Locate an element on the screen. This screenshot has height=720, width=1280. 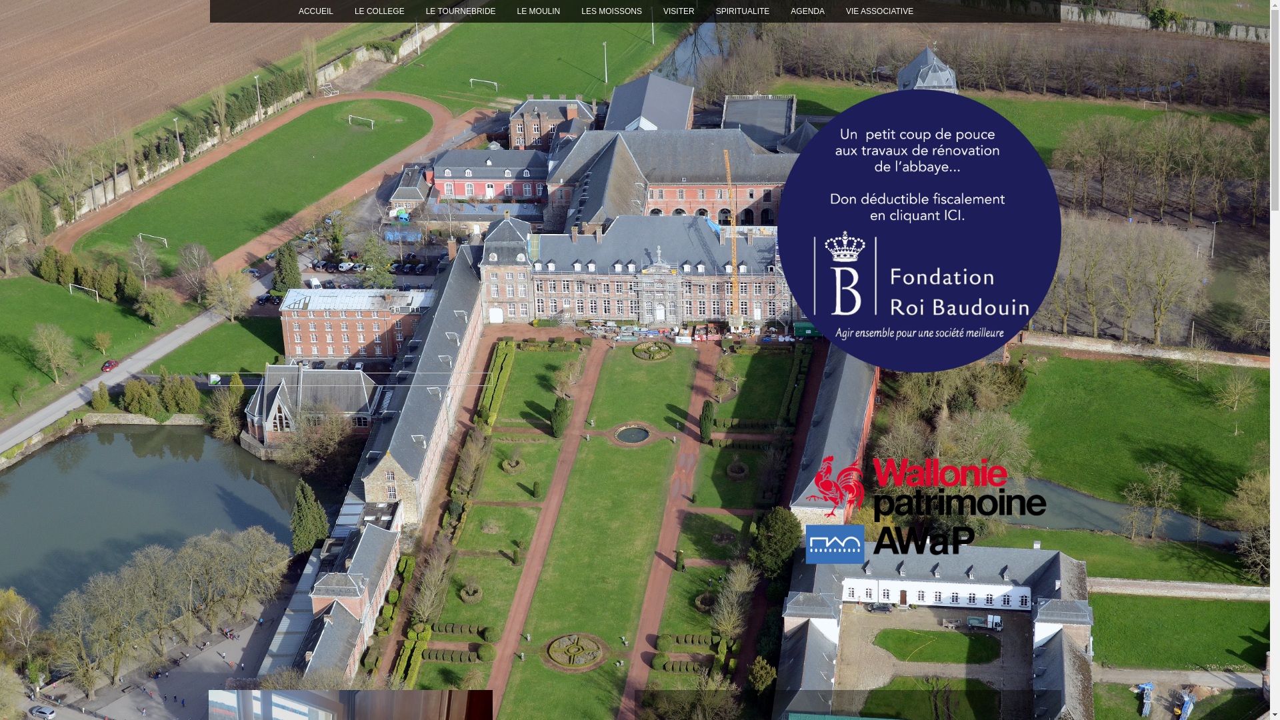
'LE COLLEGE' is located at coordinates (379, 11).